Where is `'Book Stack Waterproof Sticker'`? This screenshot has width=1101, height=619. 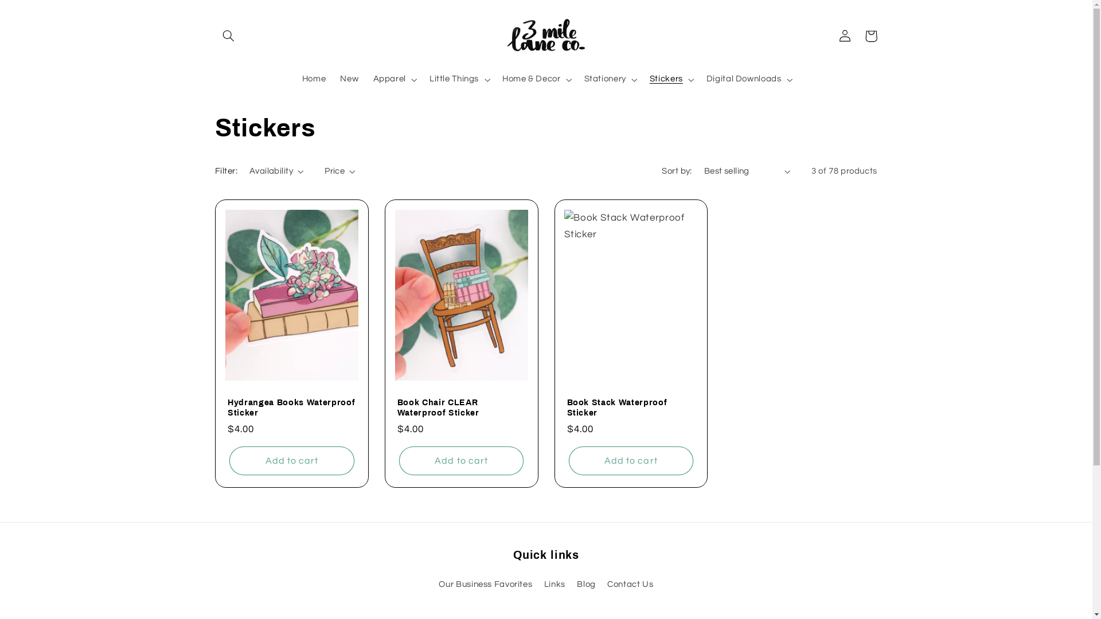
'Book Stack Waterproof Sticker' is located at coordinates (630, 407).